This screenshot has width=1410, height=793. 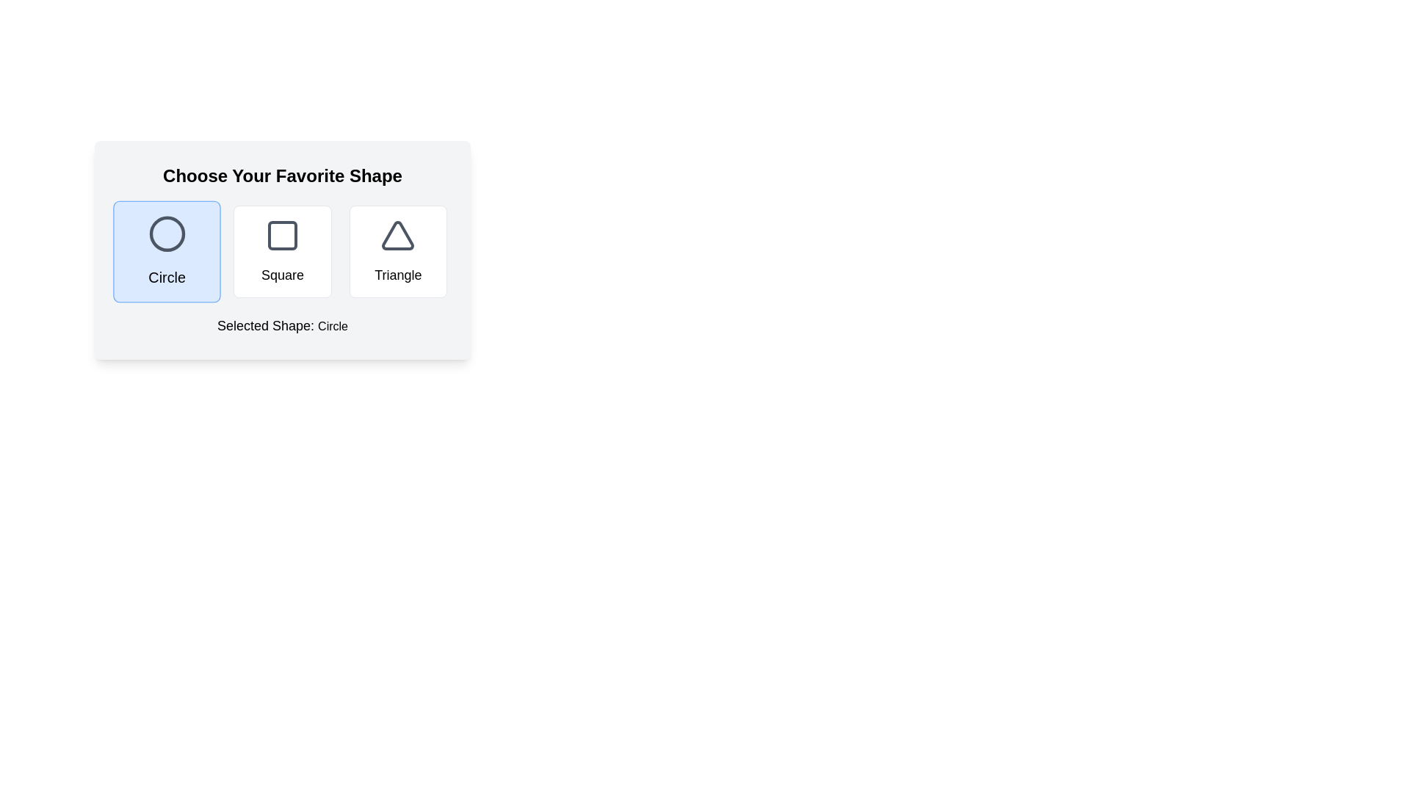 What do you see at coordinates (282, 234) in the screenshot?
I see `the central graphic component that symbolizes a selected or interactive state within the schematic square` at bounding box center [282, 234].